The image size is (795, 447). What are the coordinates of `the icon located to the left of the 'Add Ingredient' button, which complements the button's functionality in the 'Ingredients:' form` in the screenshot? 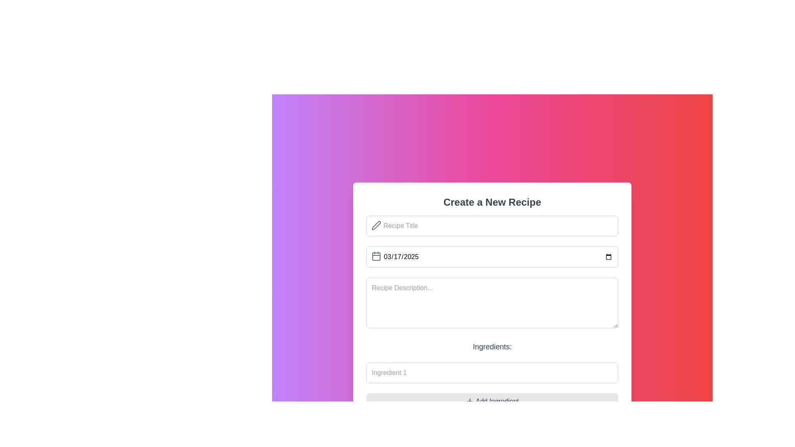 It's located at (470, 401).